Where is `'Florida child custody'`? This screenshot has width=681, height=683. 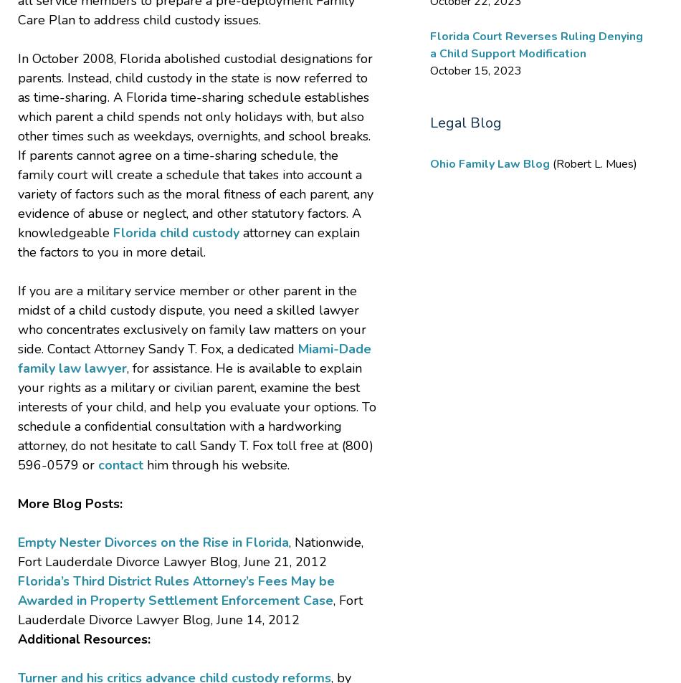
'Florida child custody' is located at coordinates (175, 231).